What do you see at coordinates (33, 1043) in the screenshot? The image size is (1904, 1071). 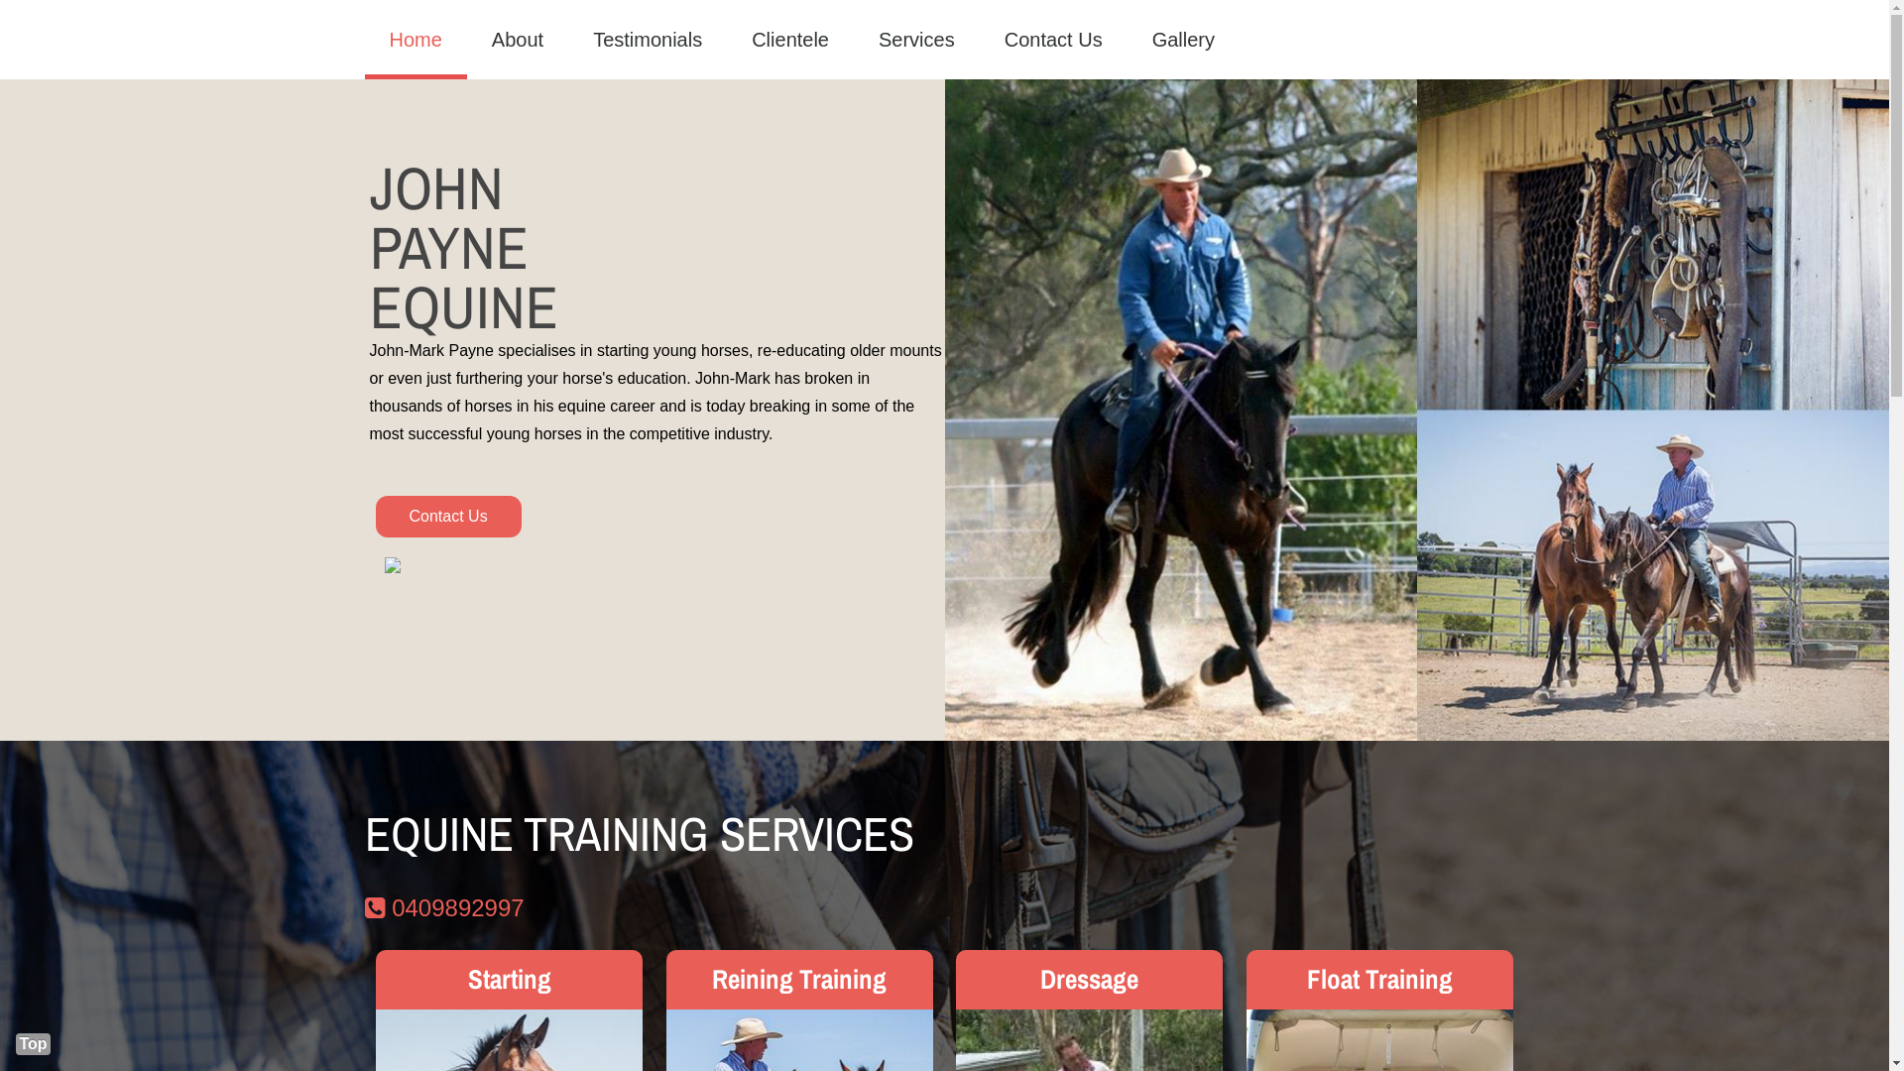 I see `'Top'` at bounding box center [33, 1043].